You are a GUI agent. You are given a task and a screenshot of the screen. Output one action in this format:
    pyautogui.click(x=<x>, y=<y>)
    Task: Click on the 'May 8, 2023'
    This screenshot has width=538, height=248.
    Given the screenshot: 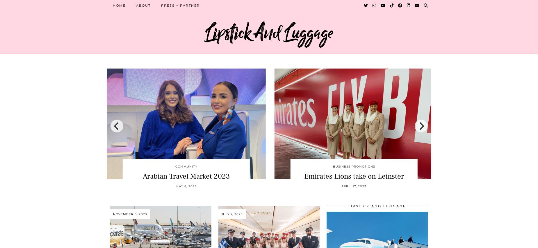 What is the action you would take?
    pyautogui.click(x=186, y=186)
    